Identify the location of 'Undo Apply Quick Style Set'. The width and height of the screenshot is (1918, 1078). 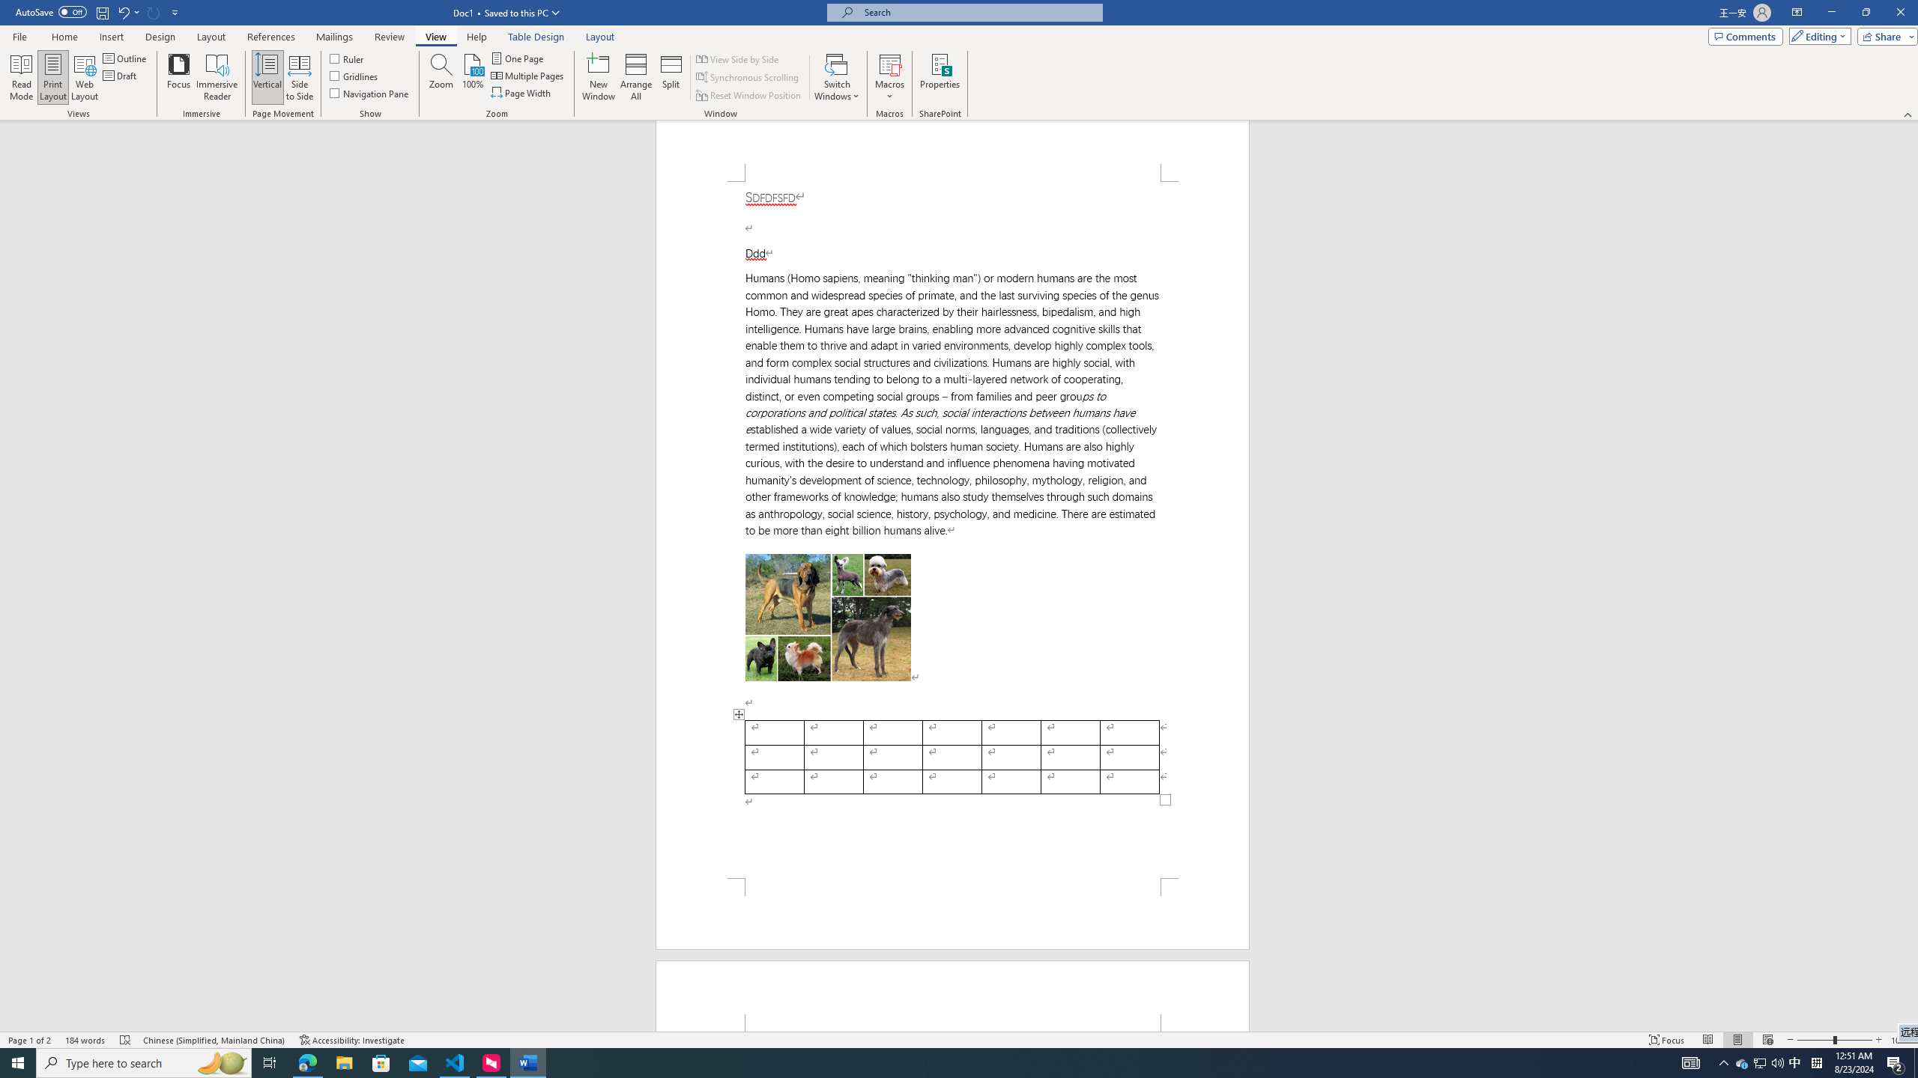
(127, 11).